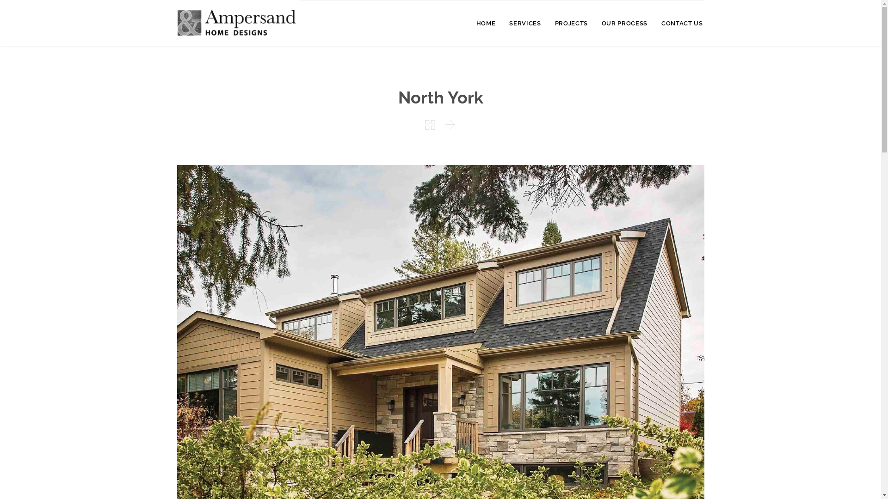 This screenshot has width=888, height=499. Describe the element at coordinates (237, 23) in the screenshot. I see `'Ampersand Home Designs'` at that location.